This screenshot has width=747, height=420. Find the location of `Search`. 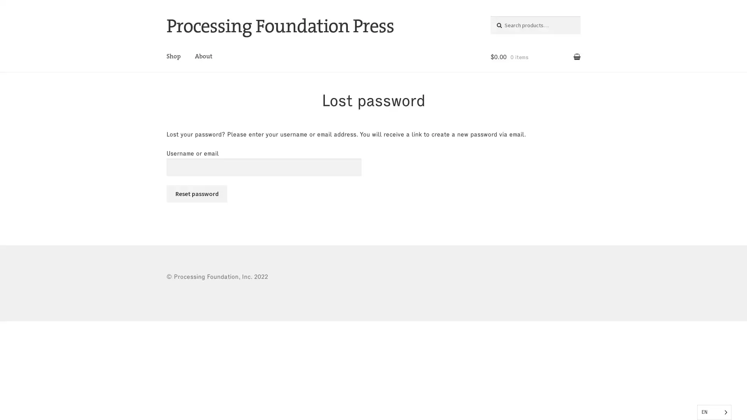

Search is located at coordinates (506, 23).